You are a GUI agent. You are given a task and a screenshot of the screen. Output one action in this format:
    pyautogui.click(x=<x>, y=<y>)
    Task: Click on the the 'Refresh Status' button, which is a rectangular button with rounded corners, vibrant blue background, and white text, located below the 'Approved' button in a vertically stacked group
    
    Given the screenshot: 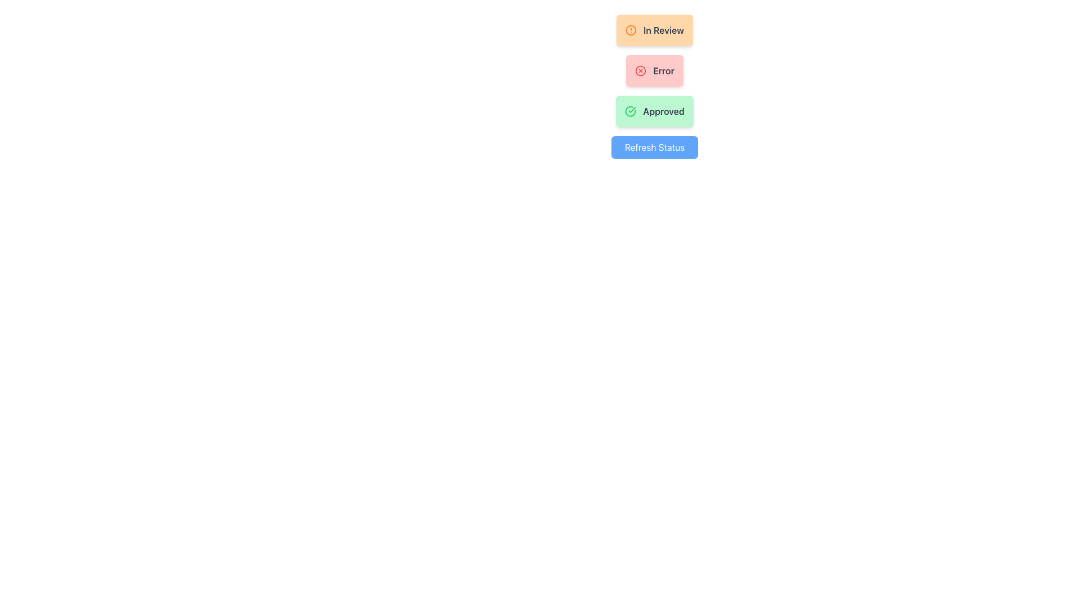 What is the action you would take?
    pyautogui.click(x=654, y=147)
    